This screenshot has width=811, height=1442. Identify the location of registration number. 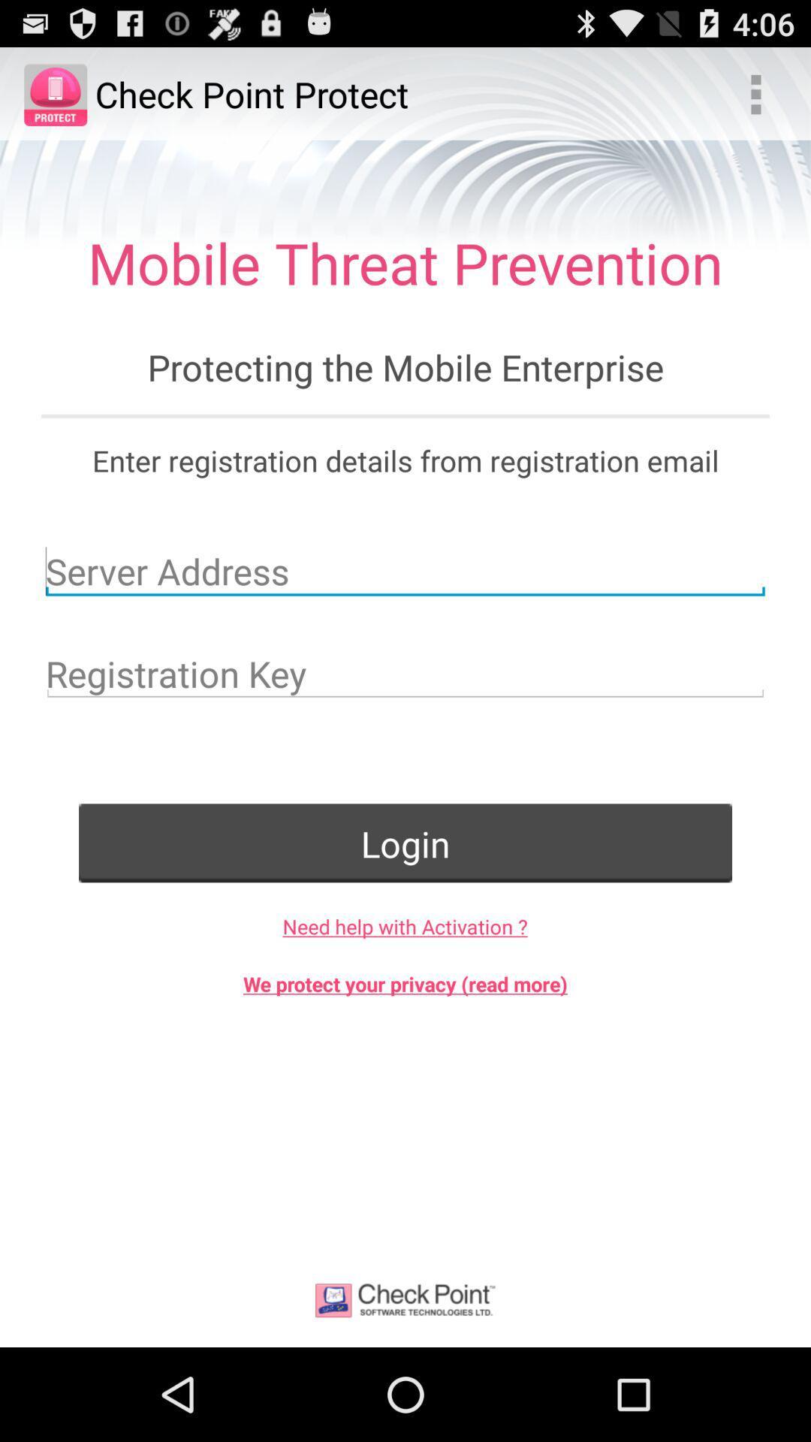
(405, 673).